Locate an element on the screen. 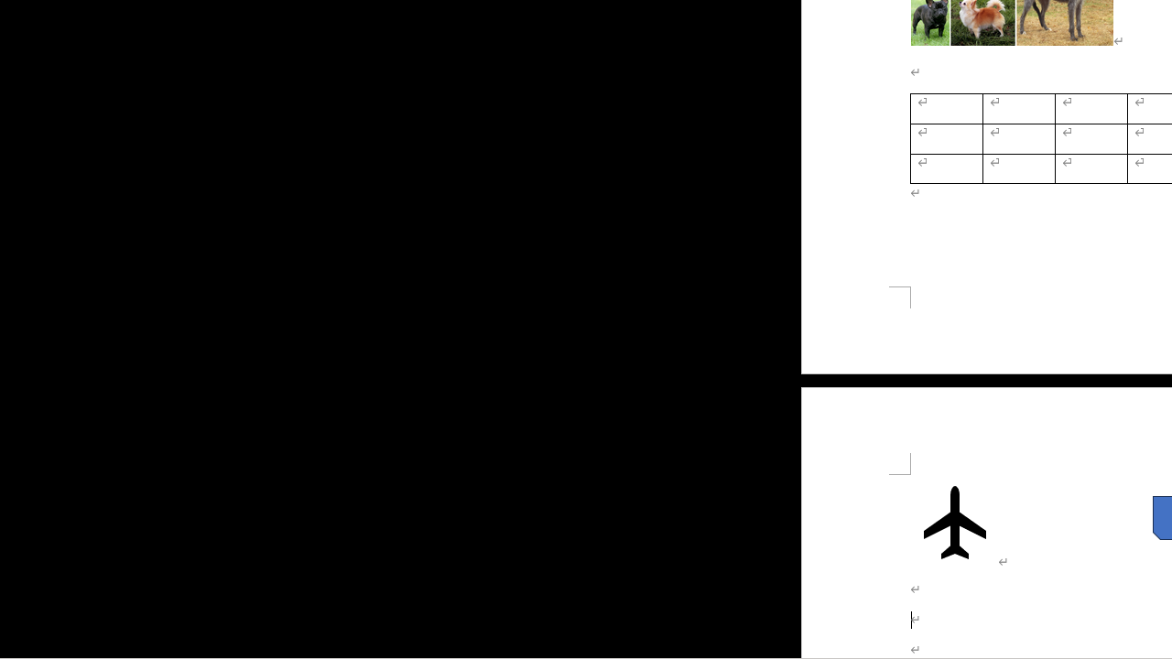 This screenshot has width=1172, height=659. 'Airplane with solid fill' is located at coordinates (953, 522).